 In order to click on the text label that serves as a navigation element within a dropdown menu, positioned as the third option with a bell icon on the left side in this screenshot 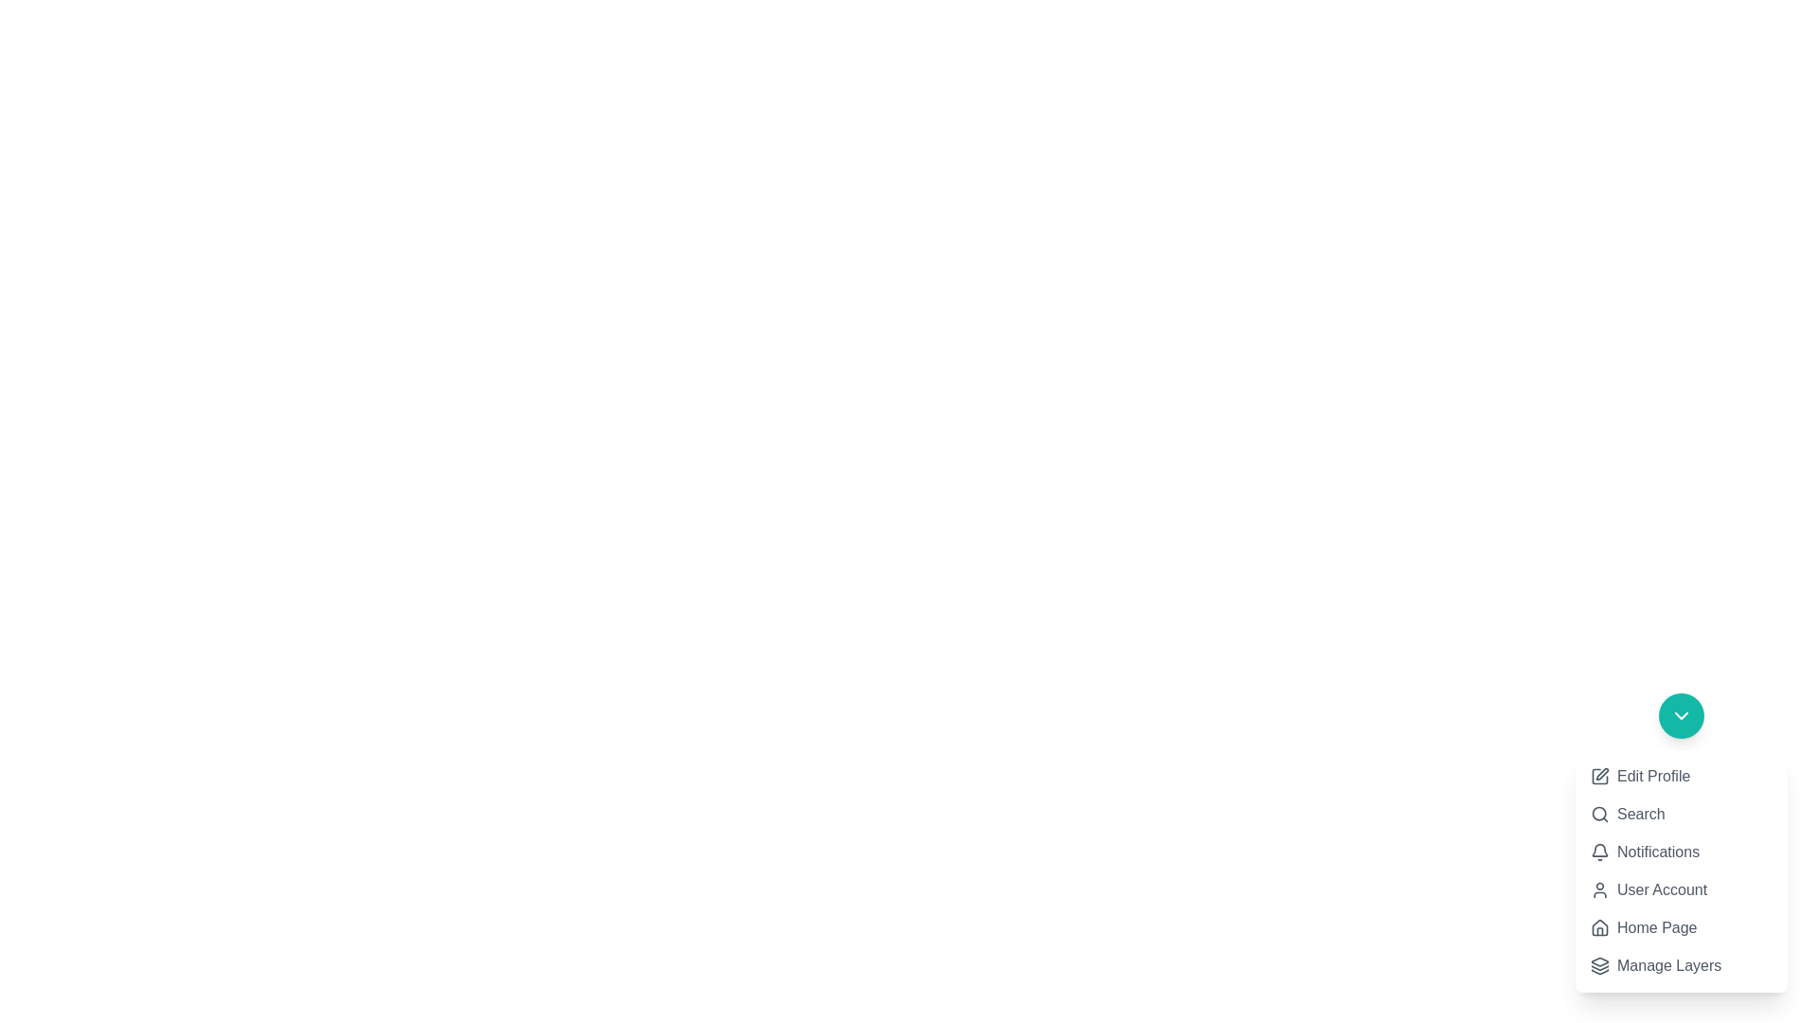, I will do `click(1657, 851)`.